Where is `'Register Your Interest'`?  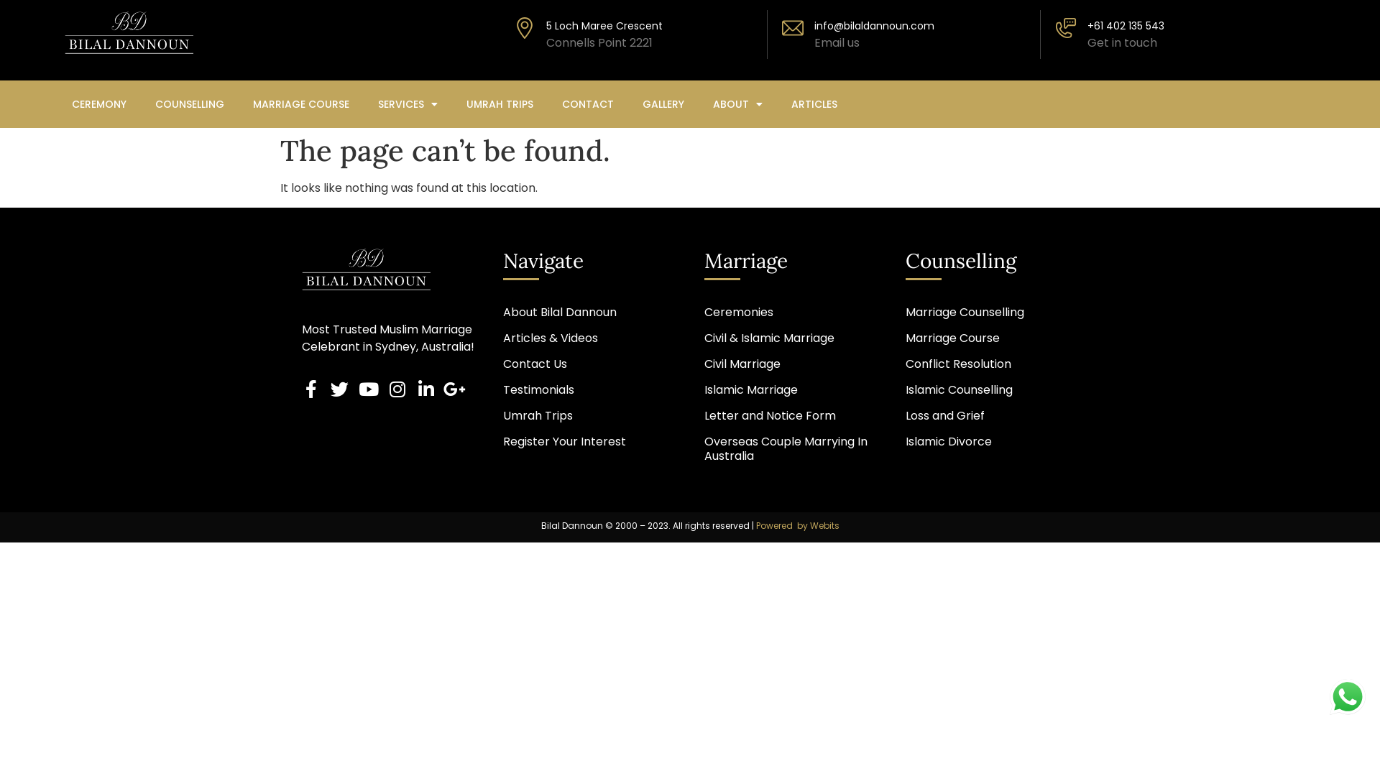
'Register Your Interest' is located at coordinates (589, 440).